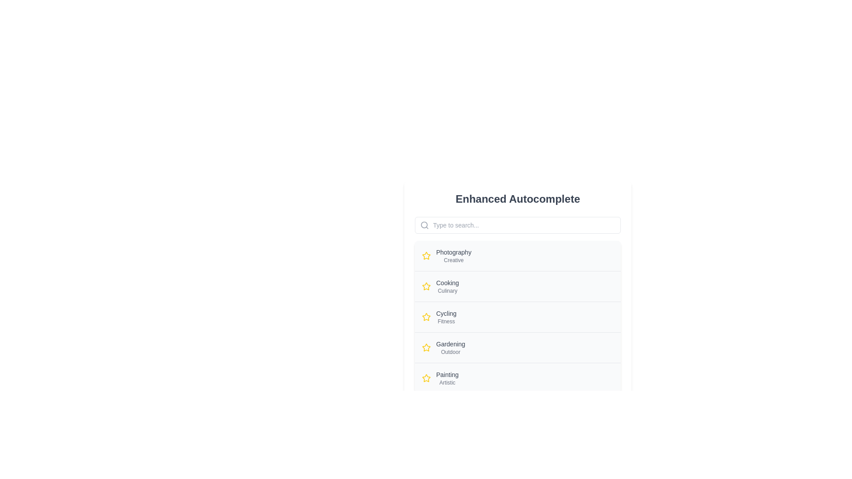  I want to click on the 'Gardening' category label in the list, so click(450, 347).